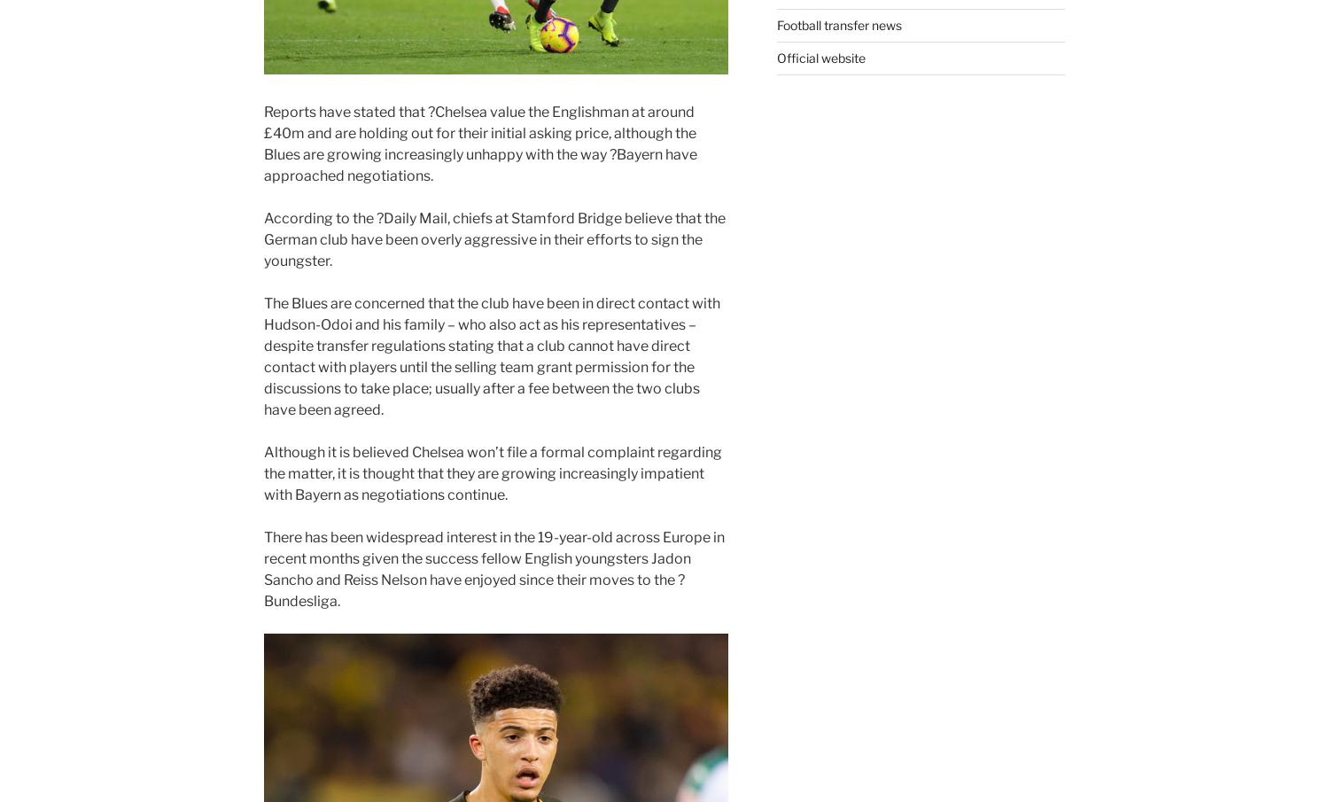 Image resolution: width=1329 pixels, height=802 pixels. What do you see at coordinates (820, 58) in the screenshot?
I see `'Official website'` at bounding box center [820, 58].